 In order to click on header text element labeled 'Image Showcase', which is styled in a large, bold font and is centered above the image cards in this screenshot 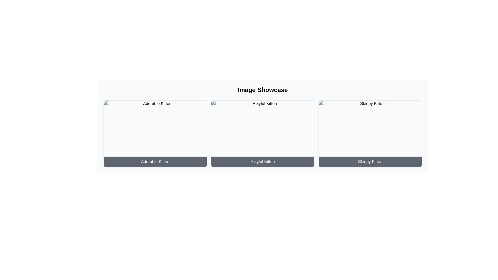, I will do `click(262, 90)`.